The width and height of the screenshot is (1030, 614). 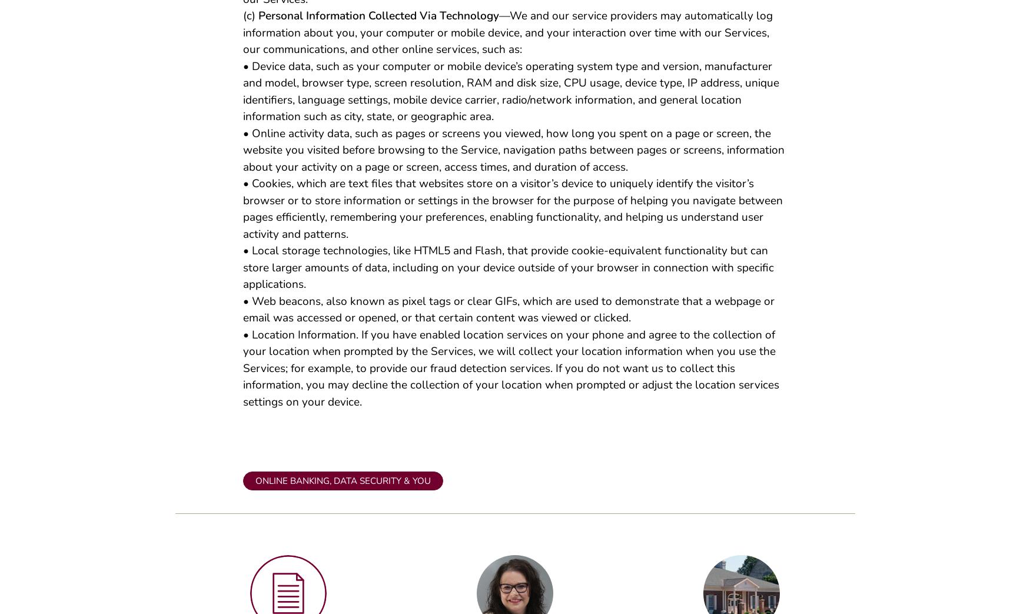 What do you see at coordinates (258, 20) in the screenshot?
I see `'Personal Information Collected Via Technology'` at bounding box center [258, 20].